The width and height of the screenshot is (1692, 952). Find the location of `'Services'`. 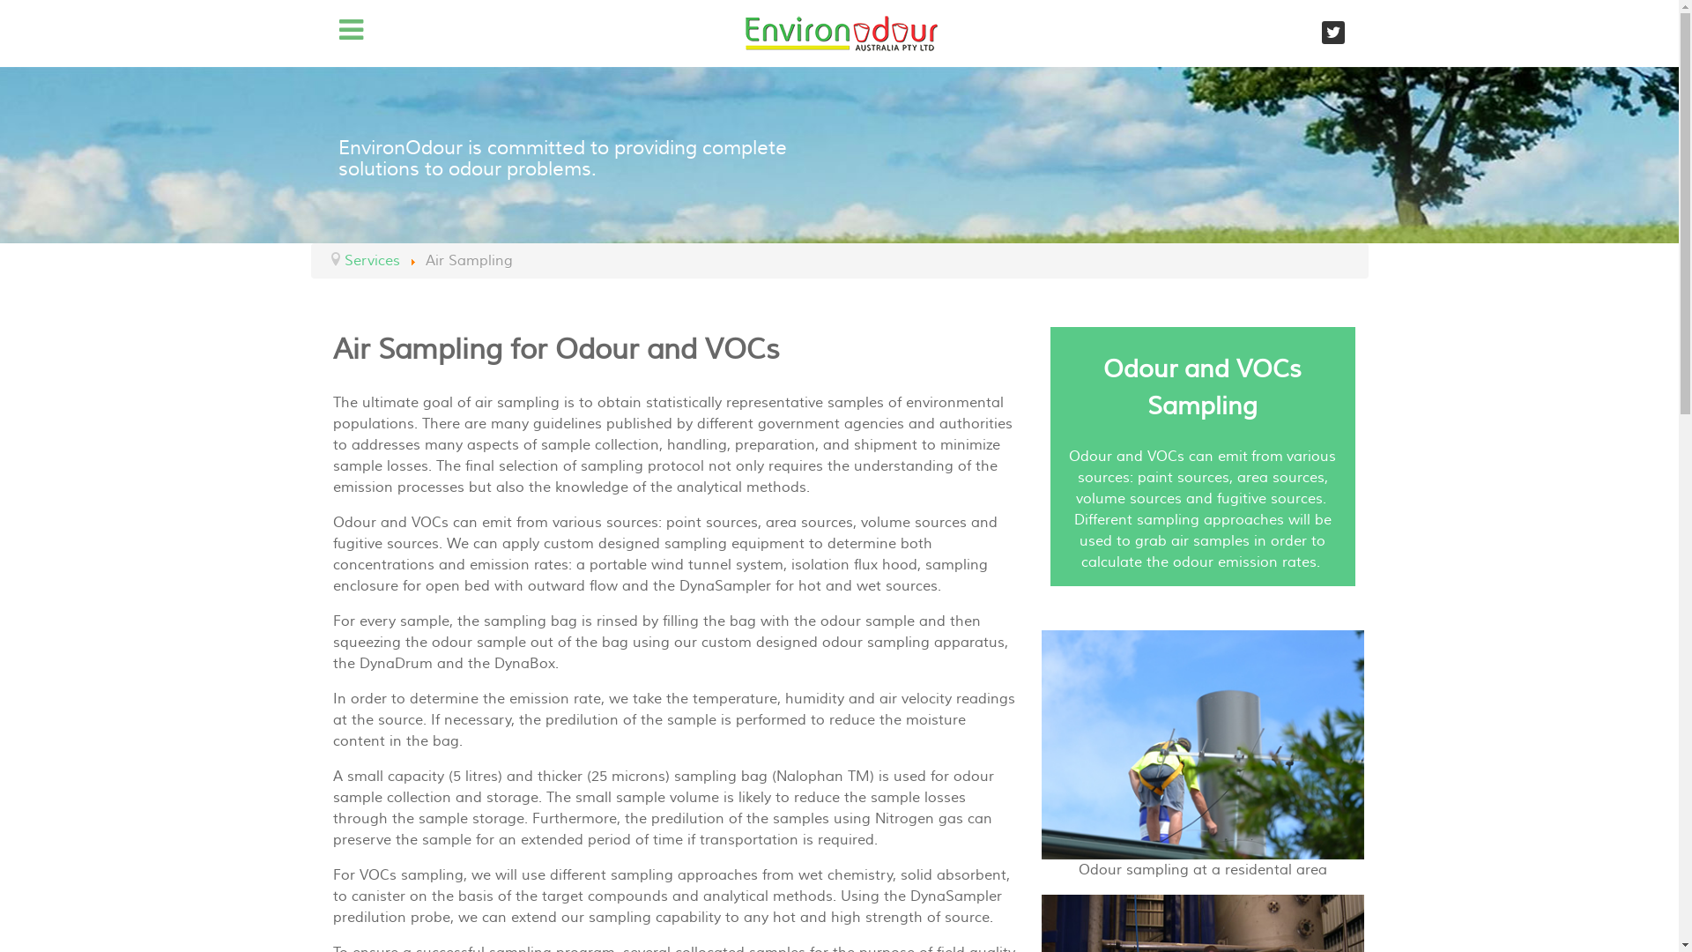

'Services' is located at coordinates (370, 261).